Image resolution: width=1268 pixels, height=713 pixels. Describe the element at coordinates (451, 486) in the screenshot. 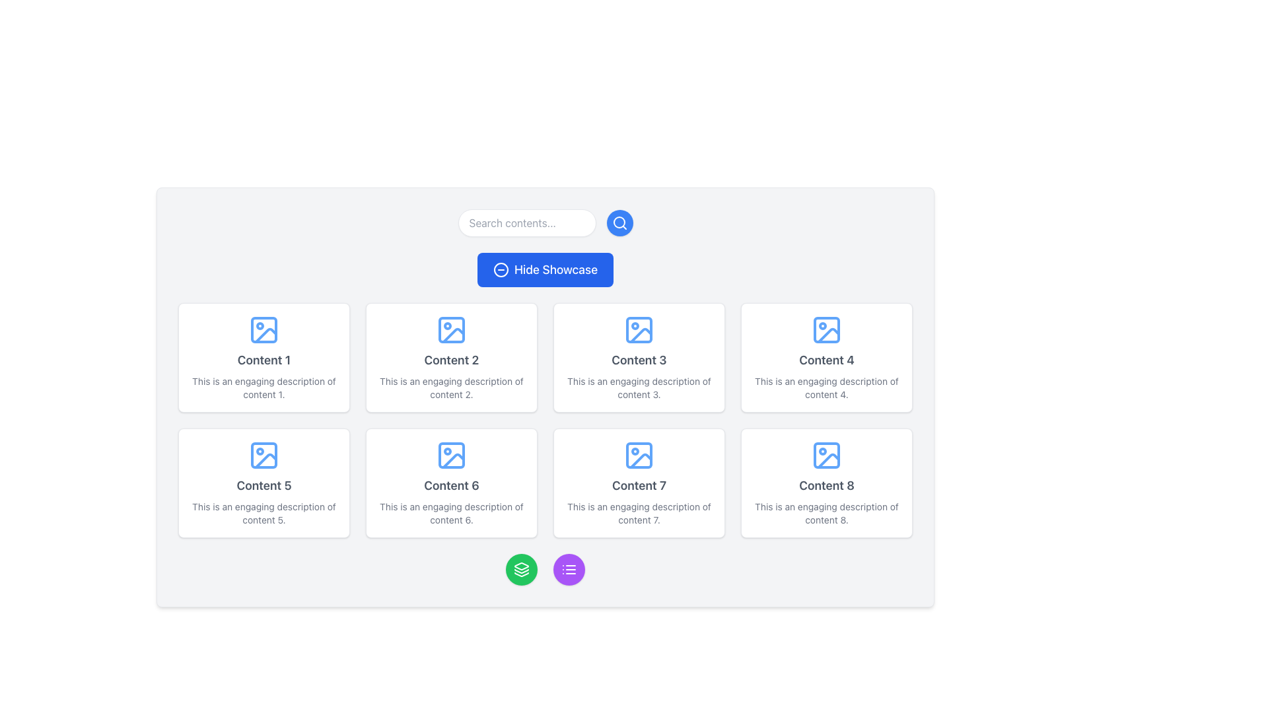

I see `the Label that provides a title or heading for the card content, located in the center column of the second row, under a blue icon and above a description, within a white bordered card` at that location.